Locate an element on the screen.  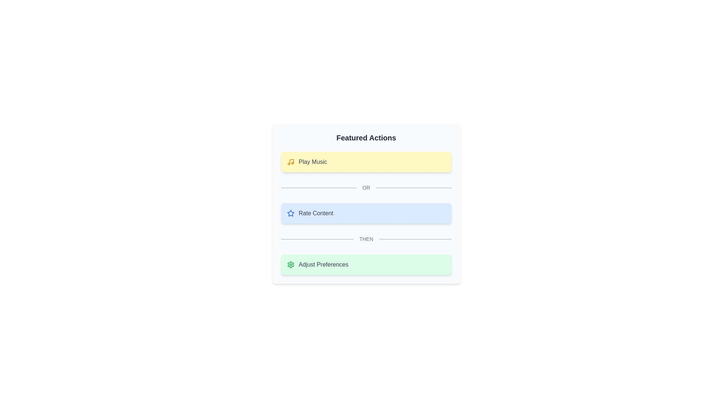
the 'Play Music' text label, which is styled with a medium gray font and displayed on a yellow background within the 'Featured Actions' section is located at coordinates (313, 162).